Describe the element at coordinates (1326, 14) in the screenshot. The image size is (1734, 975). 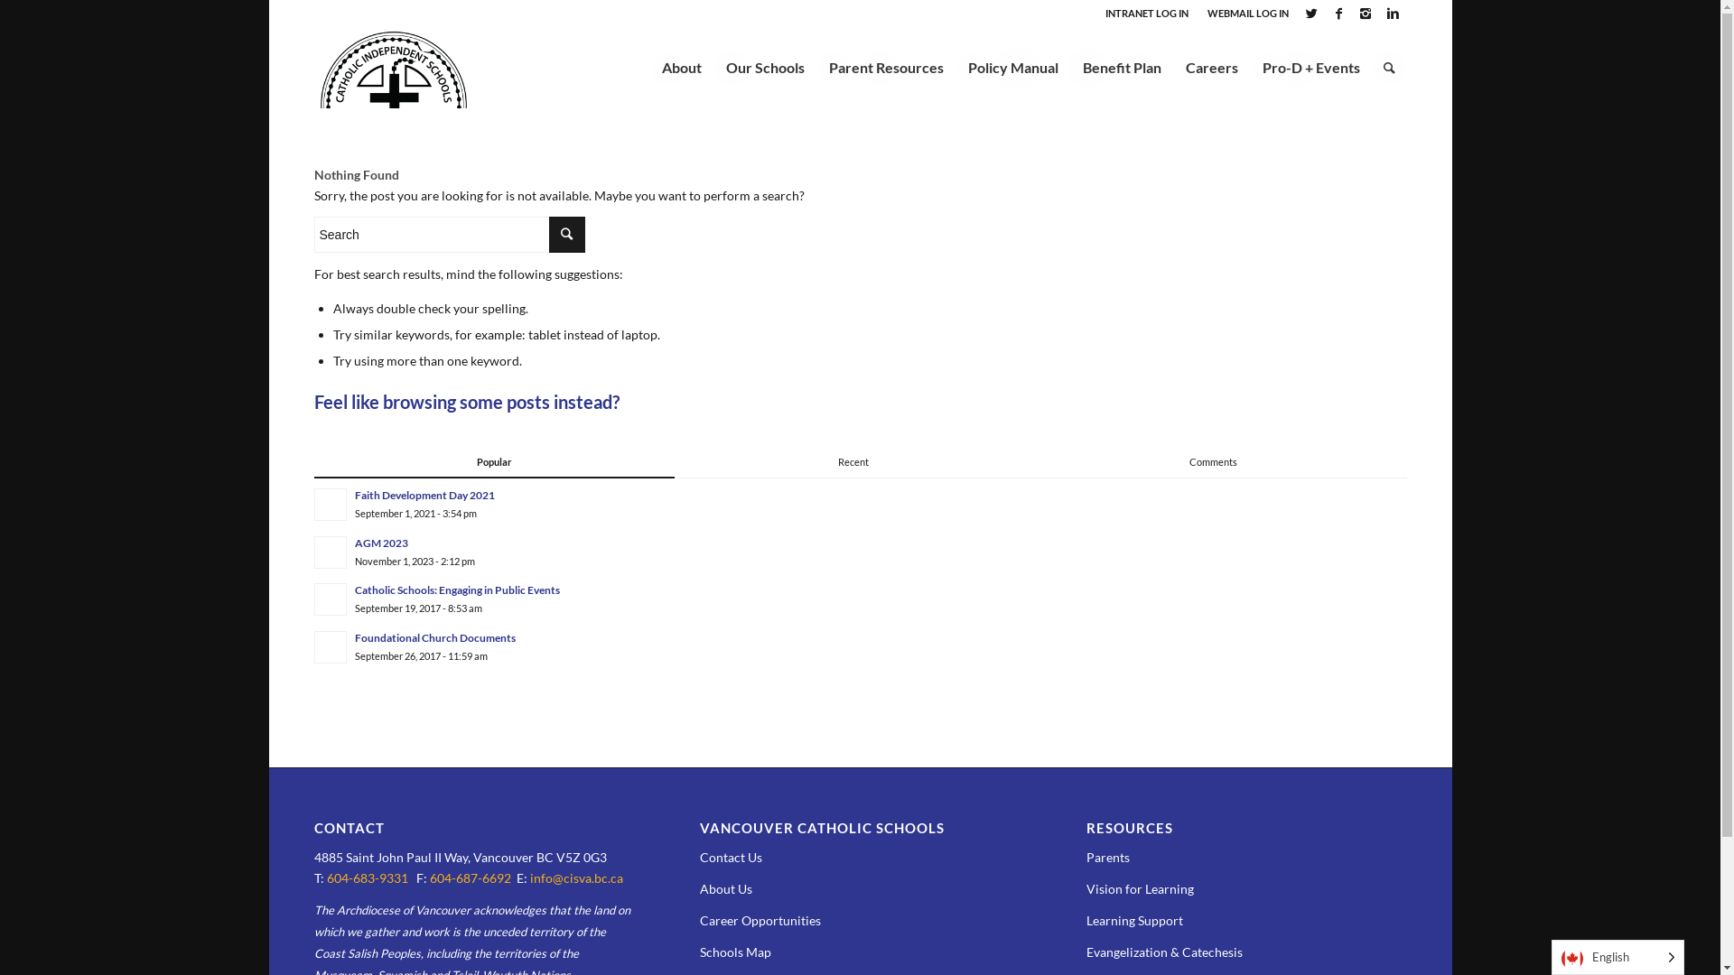
I see `'Facebook'` at that location.